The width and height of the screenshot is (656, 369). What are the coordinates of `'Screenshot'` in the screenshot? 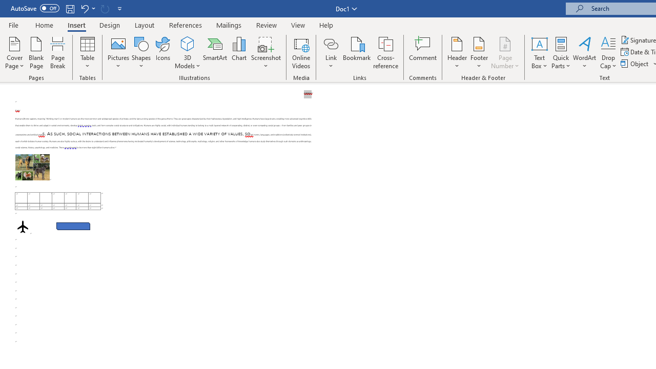 It's located at (266, 53).